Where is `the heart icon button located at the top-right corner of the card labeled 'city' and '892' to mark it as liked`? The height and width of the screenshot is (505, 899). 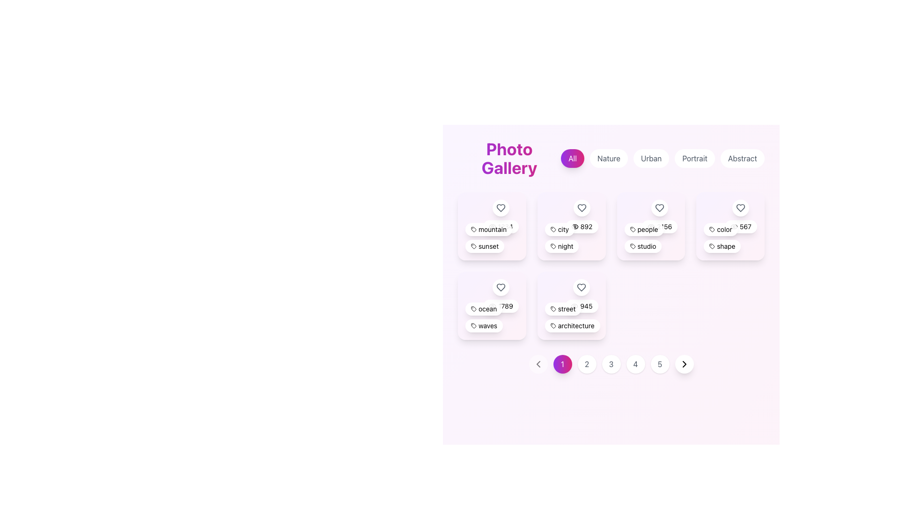
the heart icon button located at the top-right corner of the card labeled 'city' and '892' to mark it as liked is located at coordinates (581, 216).